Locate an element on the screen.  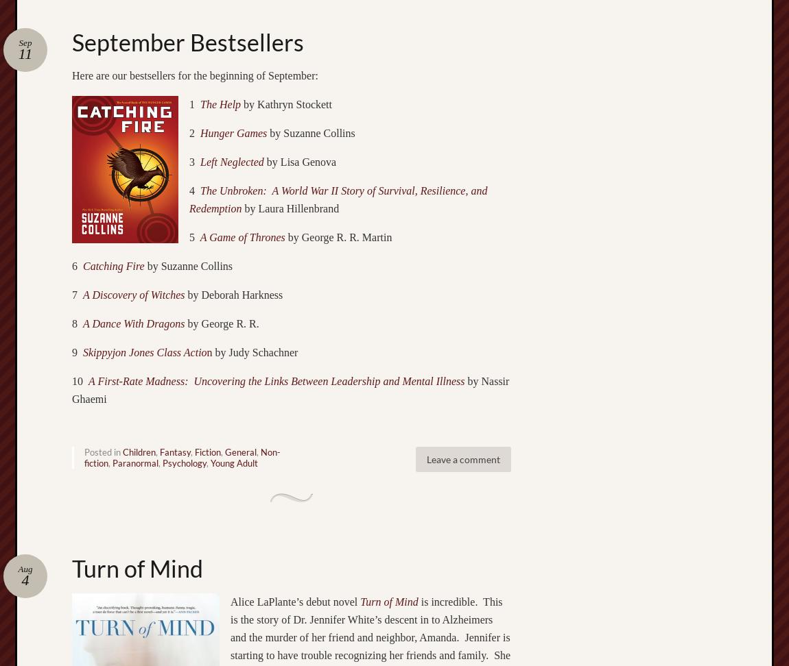
'by Nassir Ghaemi' is located at coordinates (290, 388).